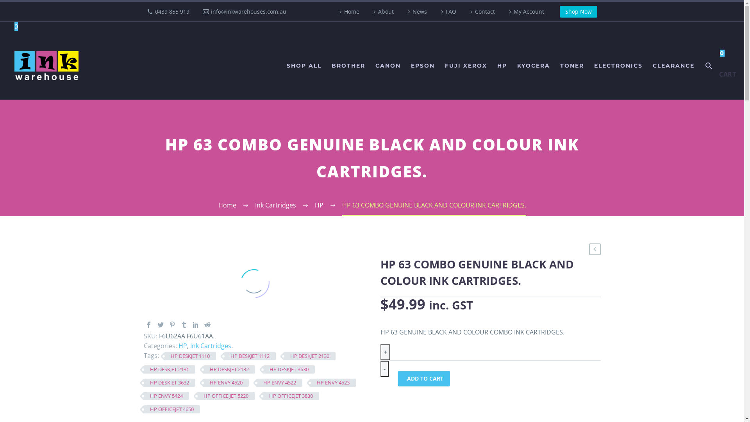 Image resolution: width=750 pixels, height=422 pixels. What do you see at coordinates (618, 65) in the screenshot?
I see `'ELECTRONICS'` at bounding box center [618, 65].